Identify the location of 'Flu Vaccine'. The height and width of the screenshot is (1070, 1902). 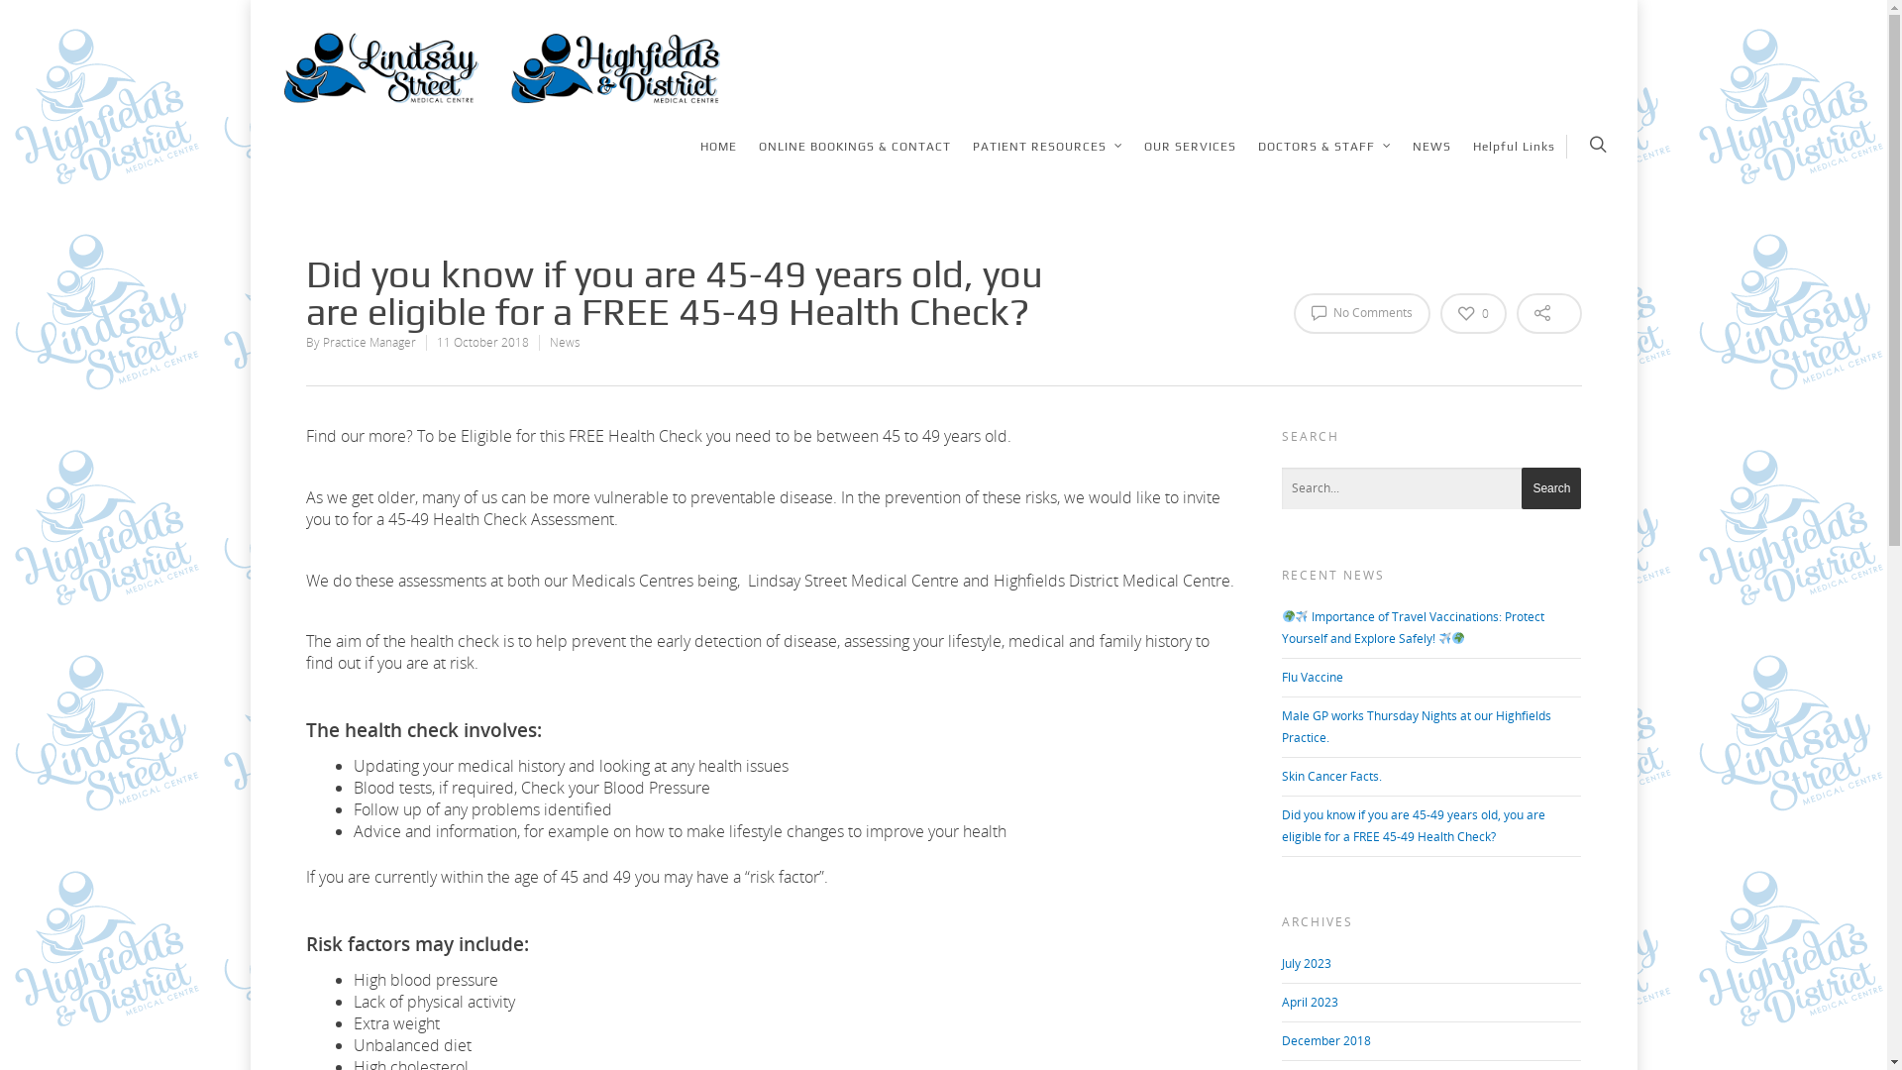
(1282, 676).